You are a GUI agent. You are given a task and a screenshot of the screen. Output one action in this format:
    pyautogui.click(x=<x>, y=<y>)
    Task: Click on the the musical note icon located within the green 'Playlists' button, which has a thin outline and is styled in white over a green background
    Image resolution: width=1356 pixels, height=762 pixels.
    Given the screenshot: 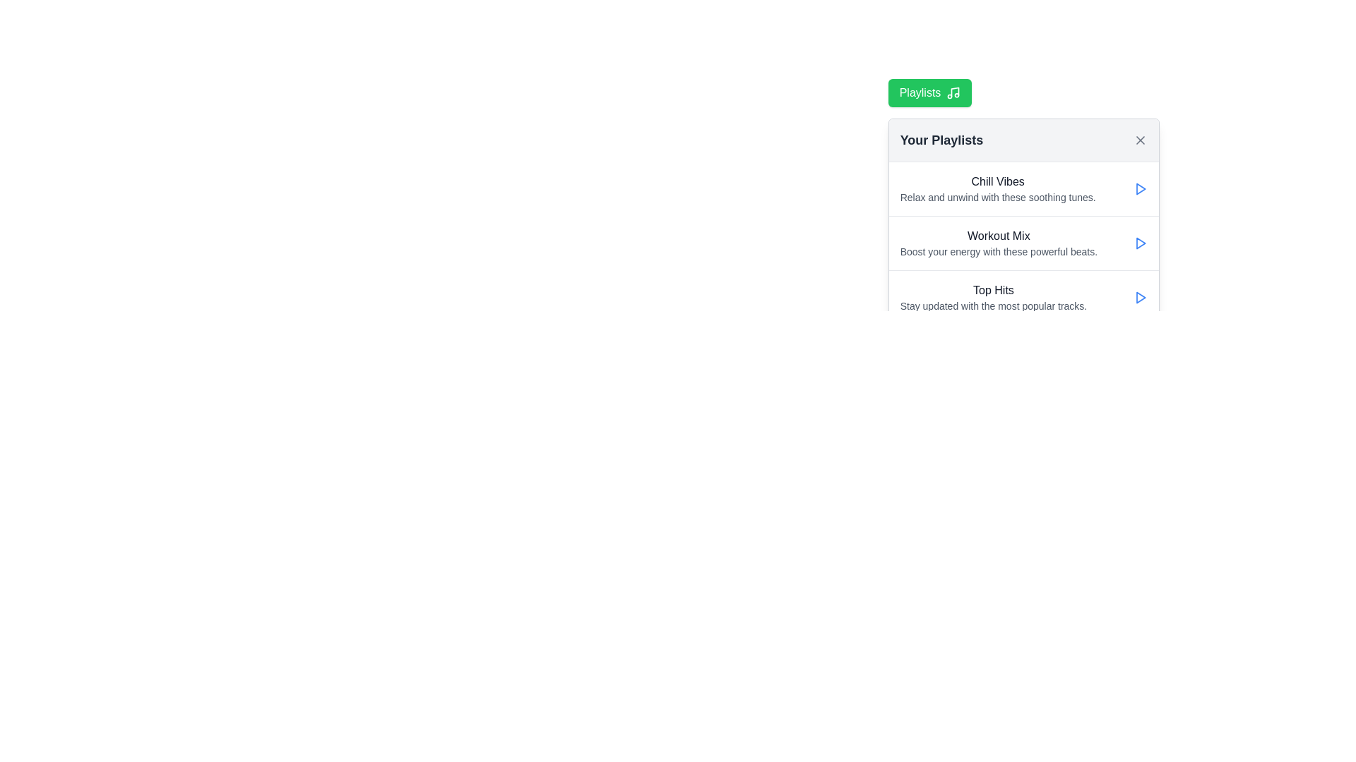 What is the action you would take?
    pyautogui.click(x=953, y=92)
    